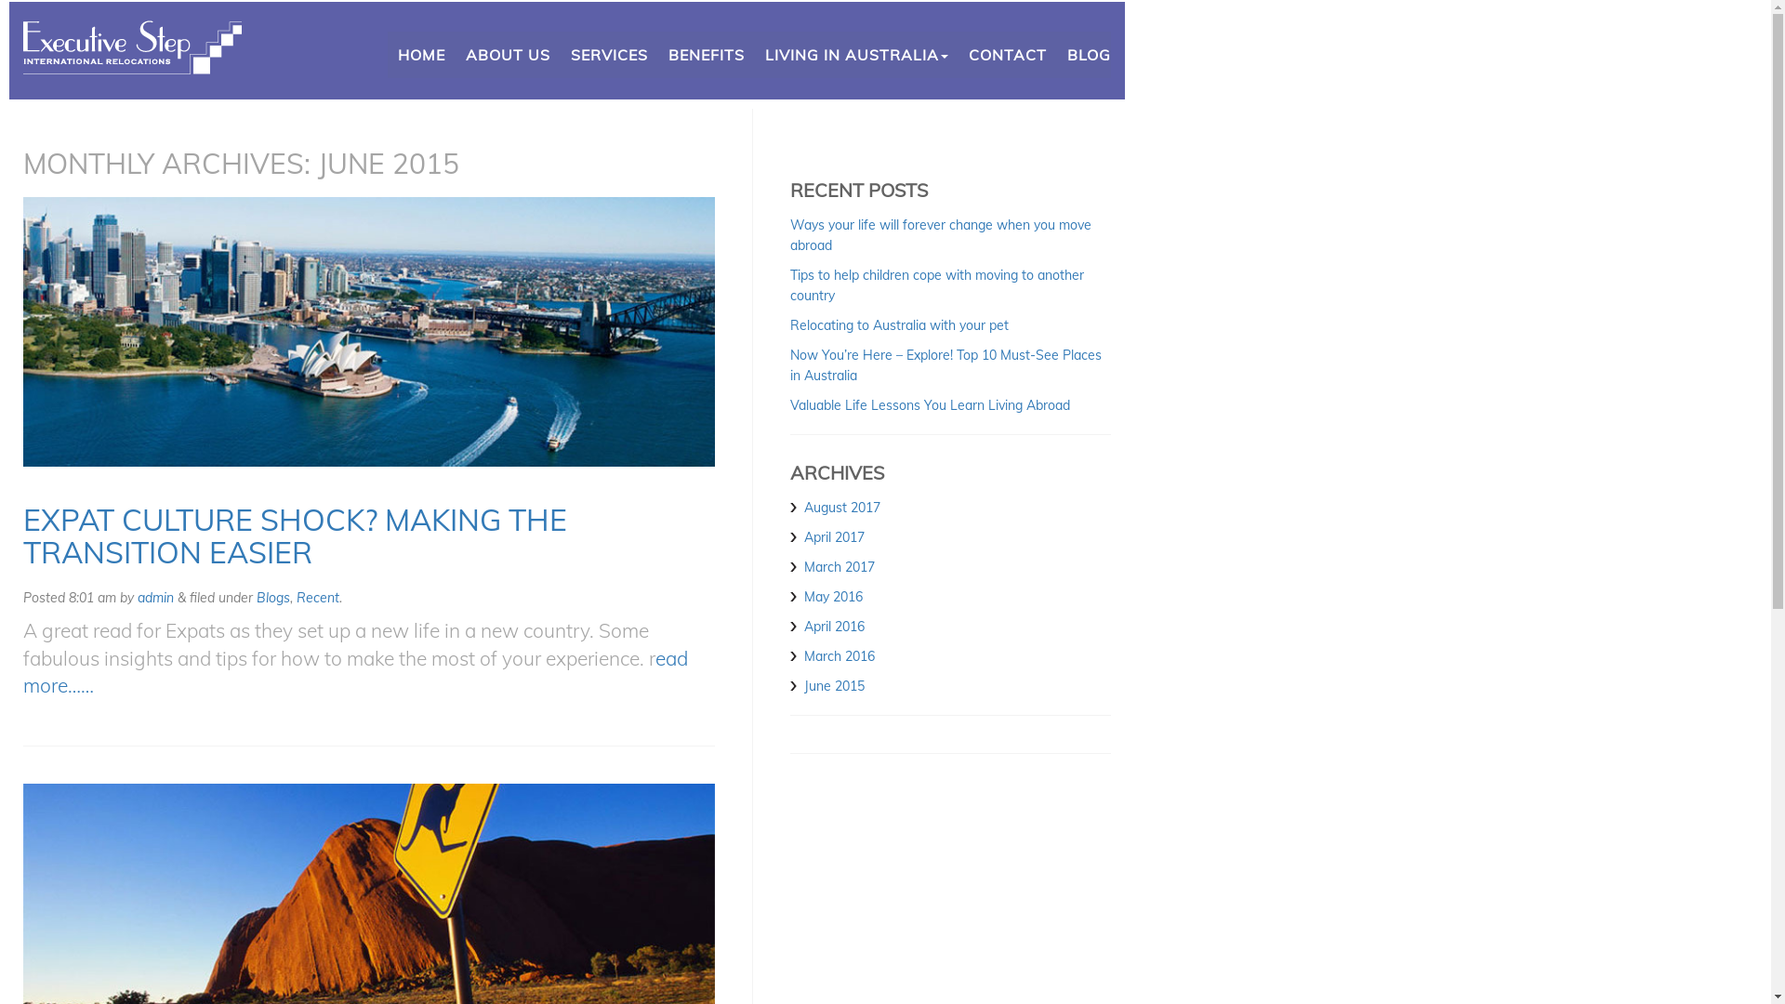 The height and width of the screenshot is (1004, 1785). I want to click on 'Relocating to Australia with your pet', so click(899, 324).